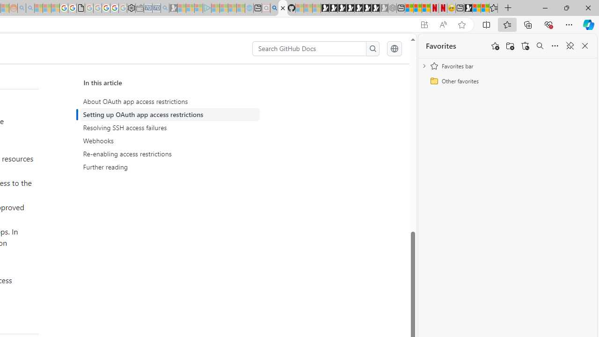 This screenshot has height=337, width=599. What do you see at coordinates (584, 46) in the screenshot?
I see `'Close favorites'` at bounding box center [584, 46].